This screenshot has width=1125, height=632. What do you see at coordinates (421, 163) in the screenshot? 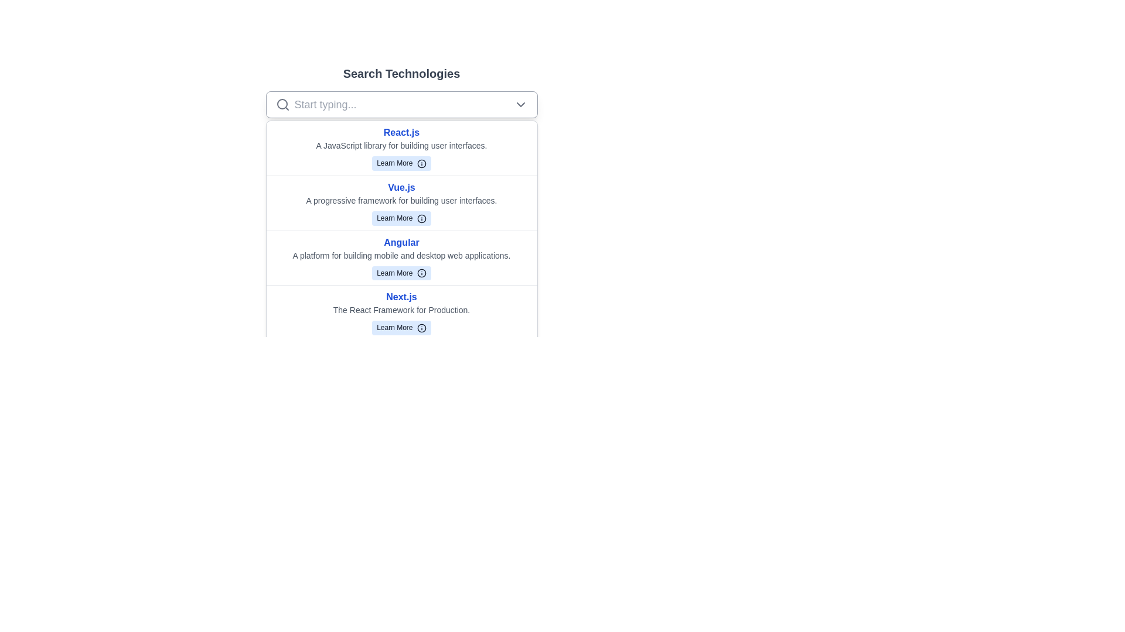
I see `the circular information icon with a blue background located within the 'Learn More' button under the 'React.js' section` at bounding box center [421, 163].